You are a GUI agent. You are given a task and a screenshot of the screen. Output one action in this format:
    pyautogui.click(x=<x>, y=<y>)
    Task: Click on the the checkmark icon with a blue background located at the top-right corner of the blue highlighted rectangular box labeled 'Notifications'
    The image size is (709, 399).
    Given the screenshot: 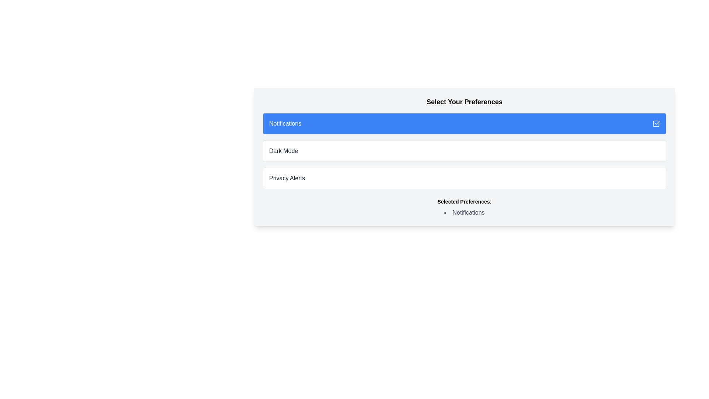 What is the action you would take?
    pyautogui.click(x=656, y=123)
    